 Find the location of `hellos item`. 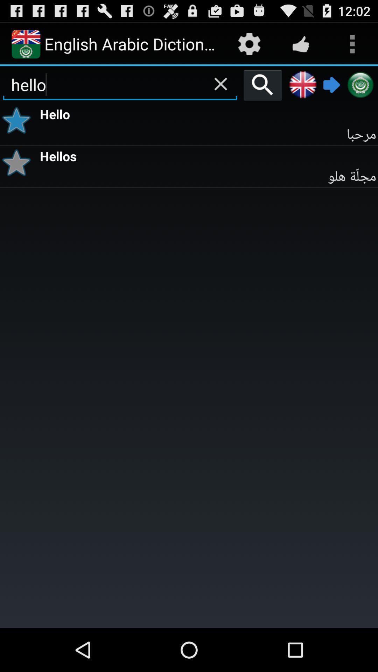

hellos item is located at coordinates (208, 155).